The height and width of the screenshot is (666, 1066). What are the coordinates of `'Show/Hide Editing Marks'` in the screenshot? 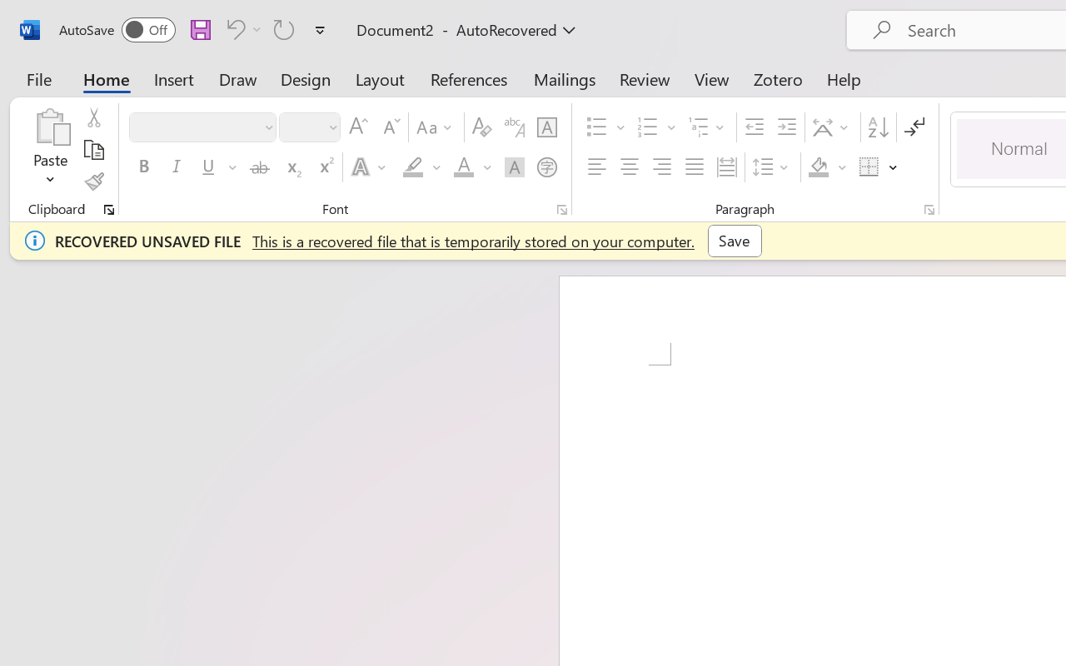 It's located at (914, 127).